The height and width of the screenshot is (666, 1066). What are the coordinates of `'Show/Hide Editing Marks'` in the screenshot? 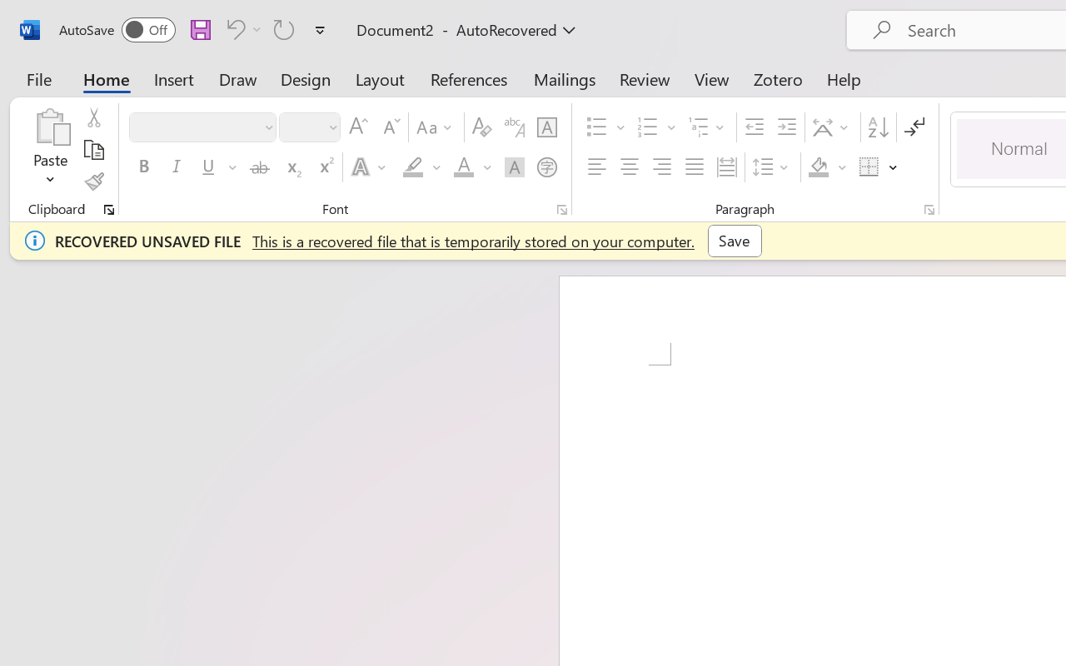 It's located at (914, 127).